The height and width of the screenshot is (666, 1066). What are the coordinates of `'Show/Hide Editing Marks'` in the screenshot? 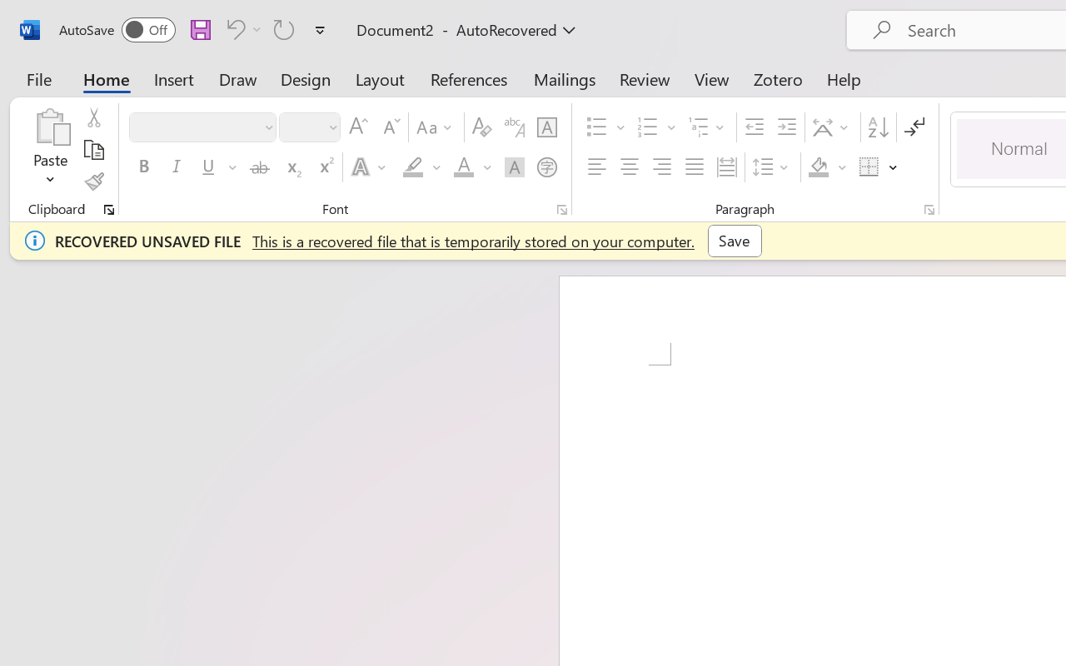 It's located at (914, 127).